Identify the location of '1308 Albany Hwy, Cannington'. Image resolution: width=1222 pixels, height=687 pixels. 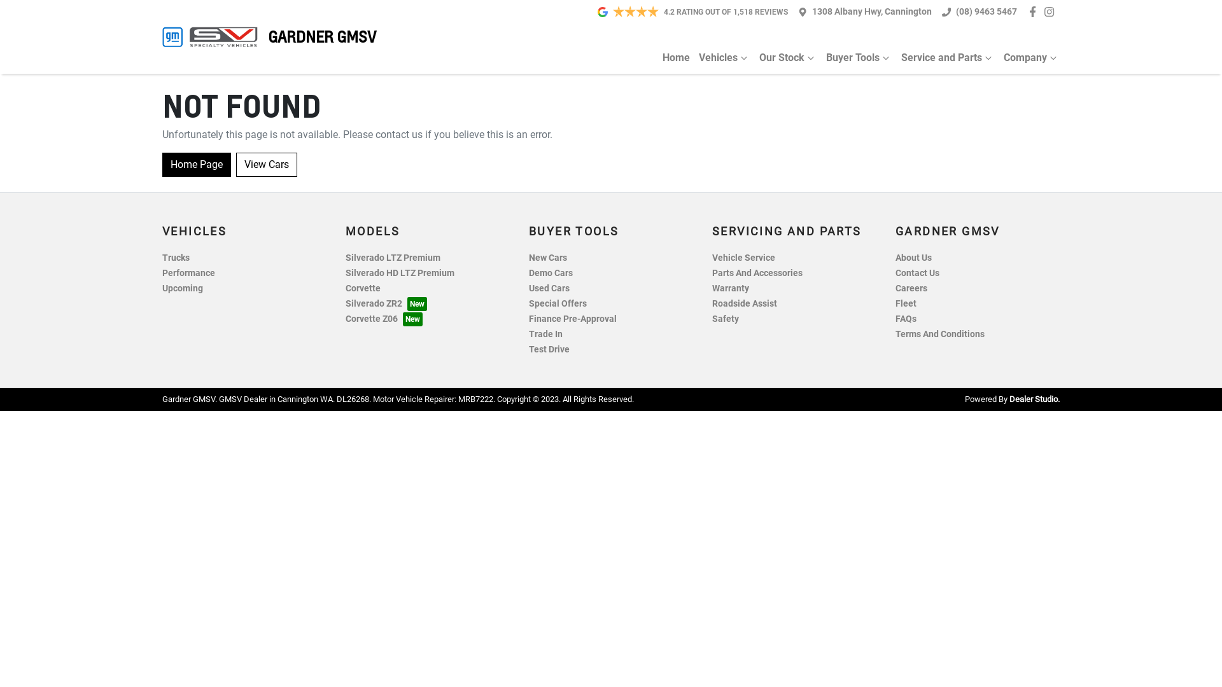
(871, 11).